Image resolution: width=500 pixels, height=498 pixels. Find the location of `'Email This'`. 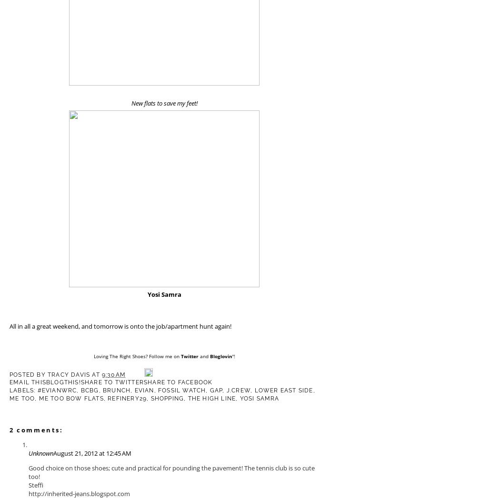

'Email This' is located at coordinates (27, 381).